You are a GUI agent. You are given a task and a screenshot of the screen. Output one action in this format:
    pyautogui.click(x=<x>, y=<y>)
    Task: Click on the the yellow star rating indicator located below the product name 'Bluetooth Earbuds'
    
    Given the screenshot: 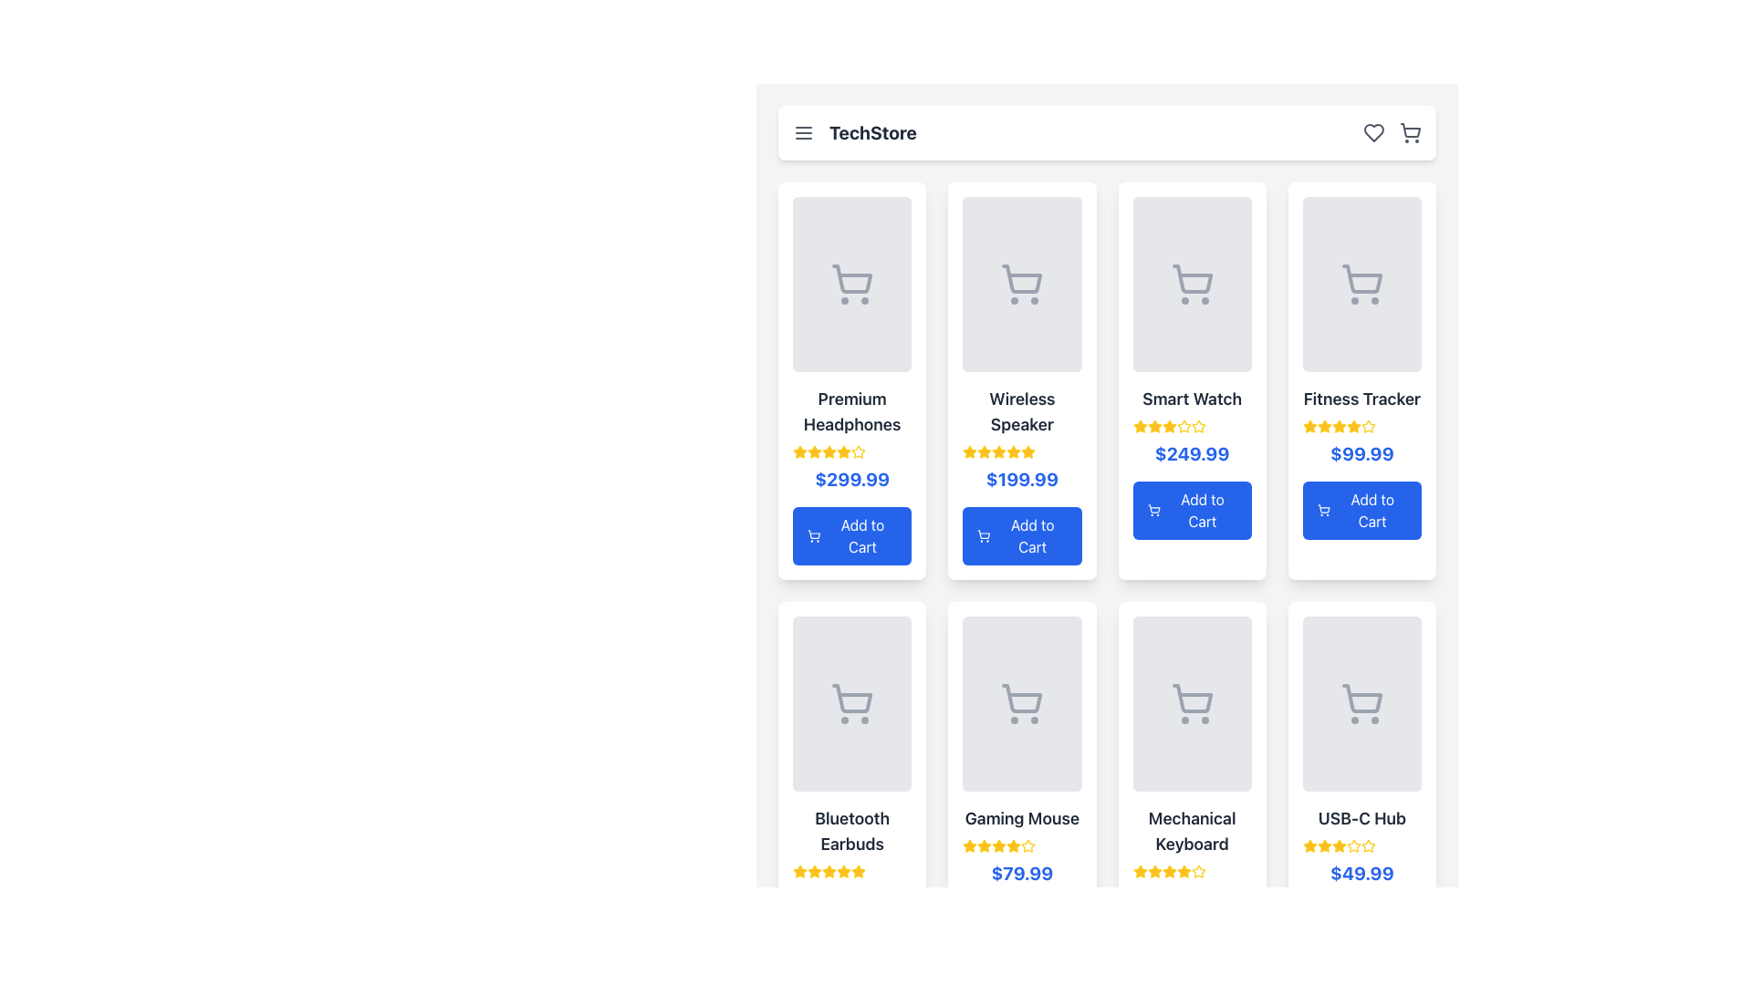 What is the action you would take?
    pyautogui.click(x=851, y=871)
    